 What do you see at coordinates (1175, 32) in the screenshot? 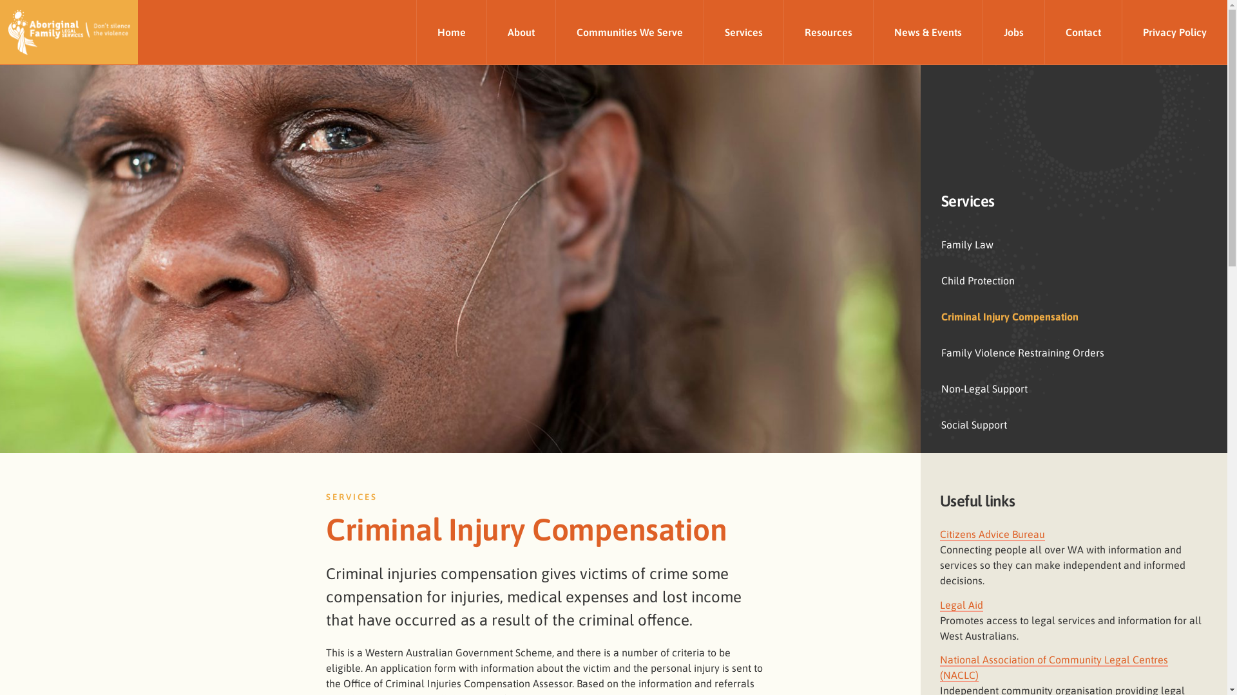
I see `'Privacy Policy'` at bounding box center [1175, 32].